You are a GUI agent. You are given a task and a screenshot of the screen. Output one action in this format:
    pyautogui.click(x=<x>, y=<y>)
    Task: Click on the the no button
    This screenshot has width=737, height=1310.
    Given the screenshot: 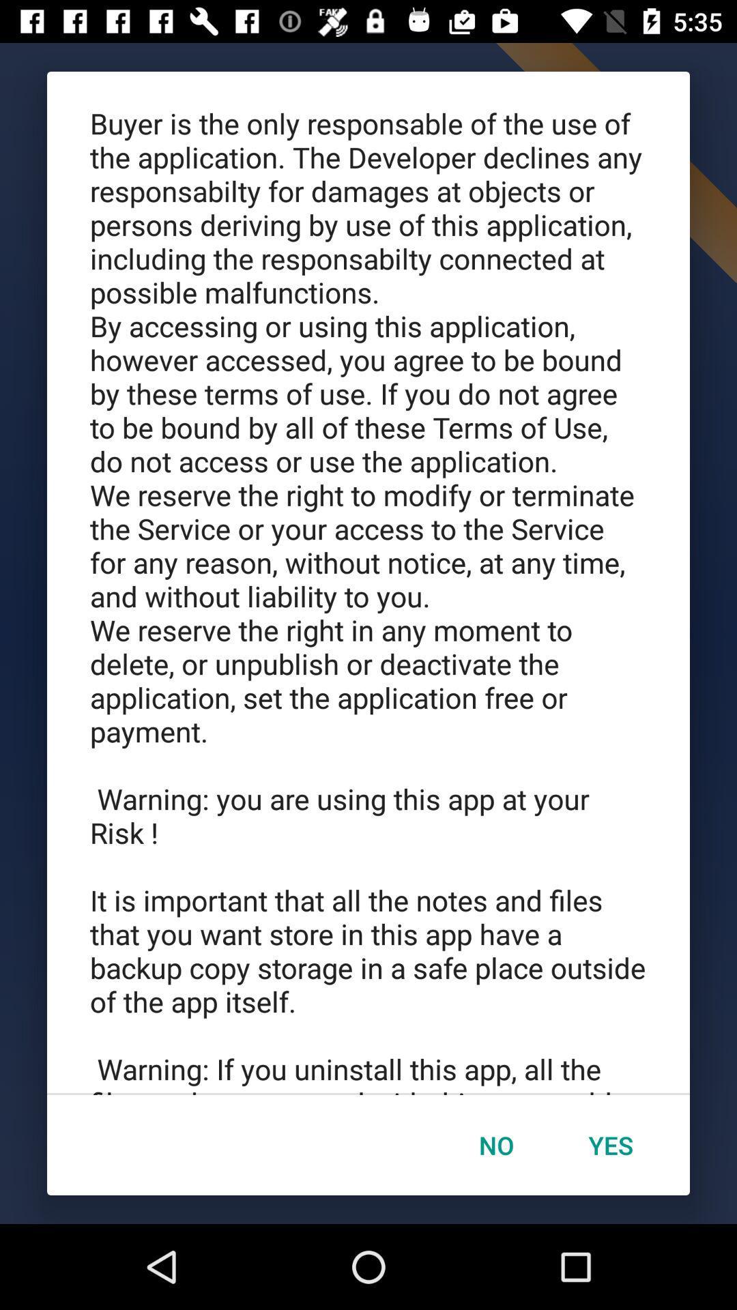 What is the action you would take?
    pyautogui.click(x=496, y=1145)
    